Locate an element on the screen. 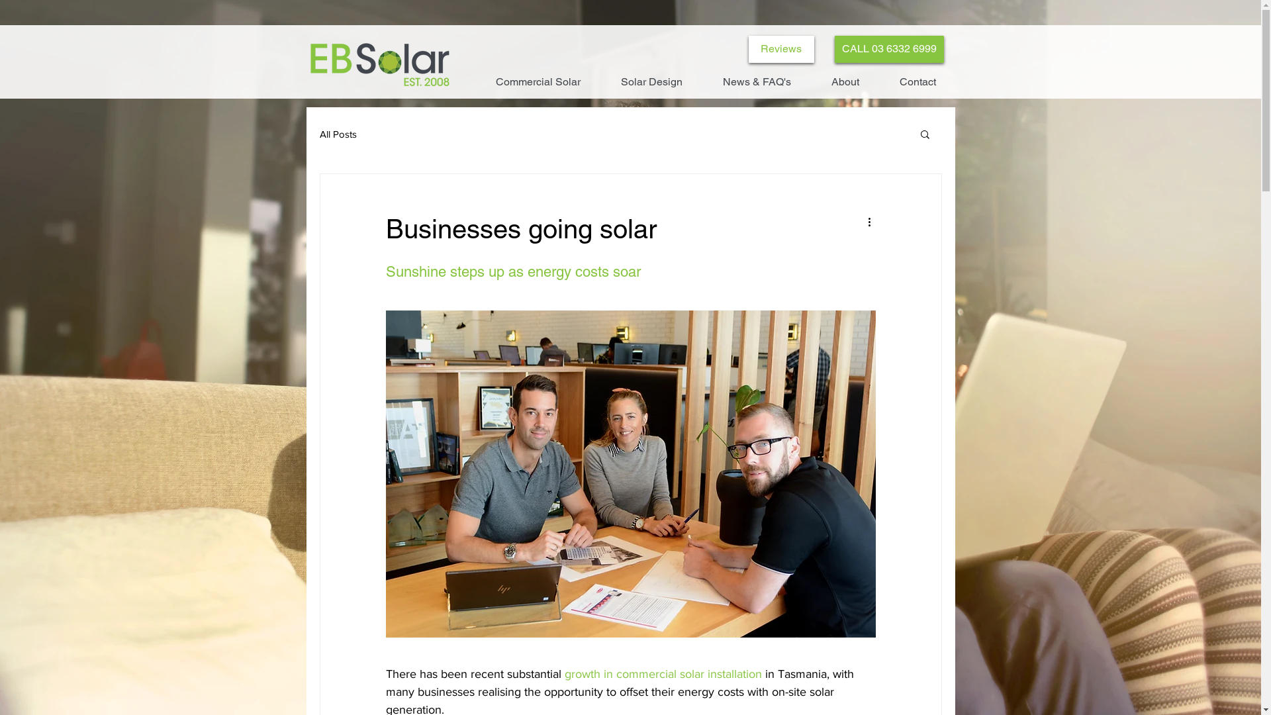 This screenshot has height=715, width=1271. 'All Posts' is located at coordinates (318, 134).